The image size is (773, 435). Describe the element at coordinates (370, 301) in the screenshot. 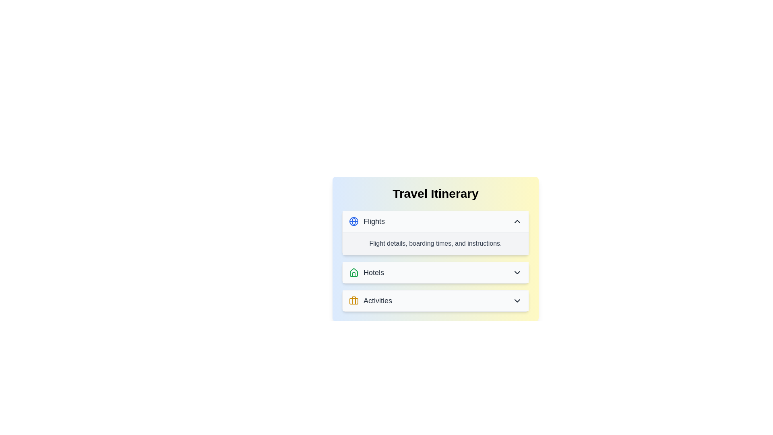

I see `to select the 'Activities' section represented by the list item with an icon and label, located in the Travel Itinerary under the third slot` at that location.